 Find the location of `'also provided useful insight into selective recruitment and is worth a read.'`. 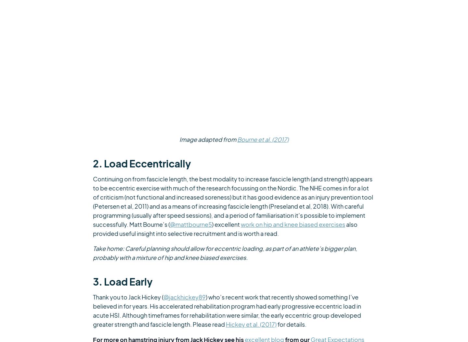

'also provided useful insight into selective recruitment and is worth a read.' is located at coordinates (225, 228).